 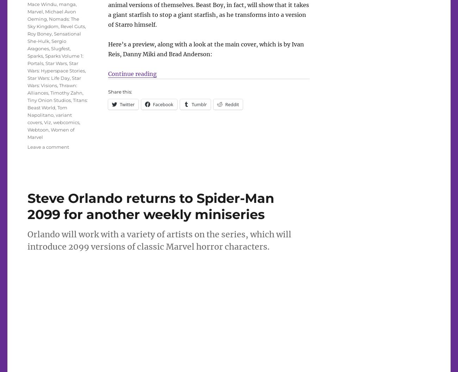 What do you see at coordinates (56, 67) in the screenshot?
I see `'Star Wars: Hyperspace Stories'` at bounding box center [56, 67].